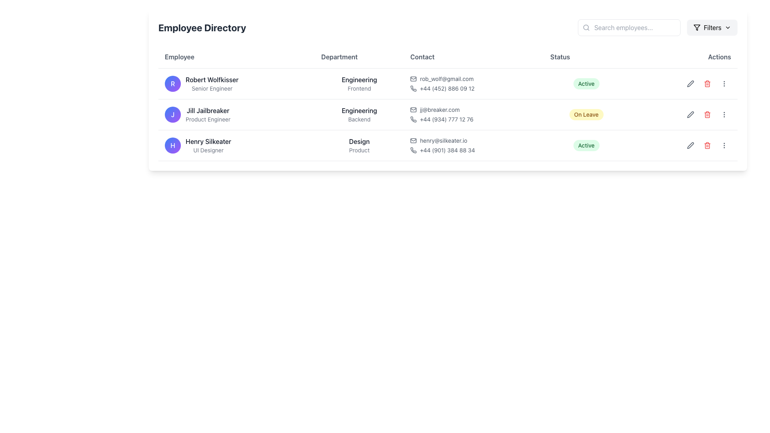 This screenshot has width=770, height=433. Describe the element at coordinates (413, 88) in the screenshot. I see `the phone icon located under the 'Contact' column in the row for 'Robert Wolfkisser' to initiate a call action` at that location.